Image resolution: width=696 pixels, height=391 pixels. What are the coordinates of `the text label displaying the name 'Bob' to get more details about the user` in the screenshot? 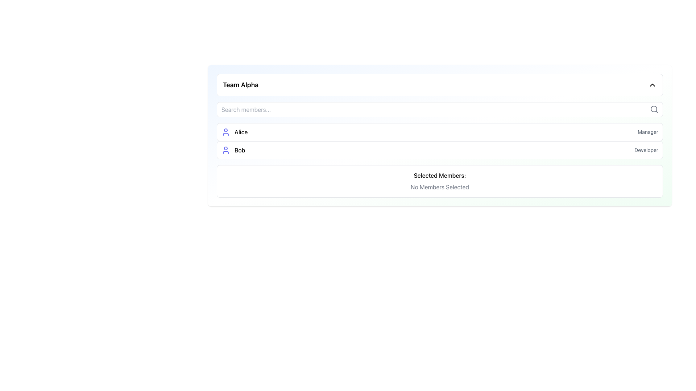 It's located at (233, 150).